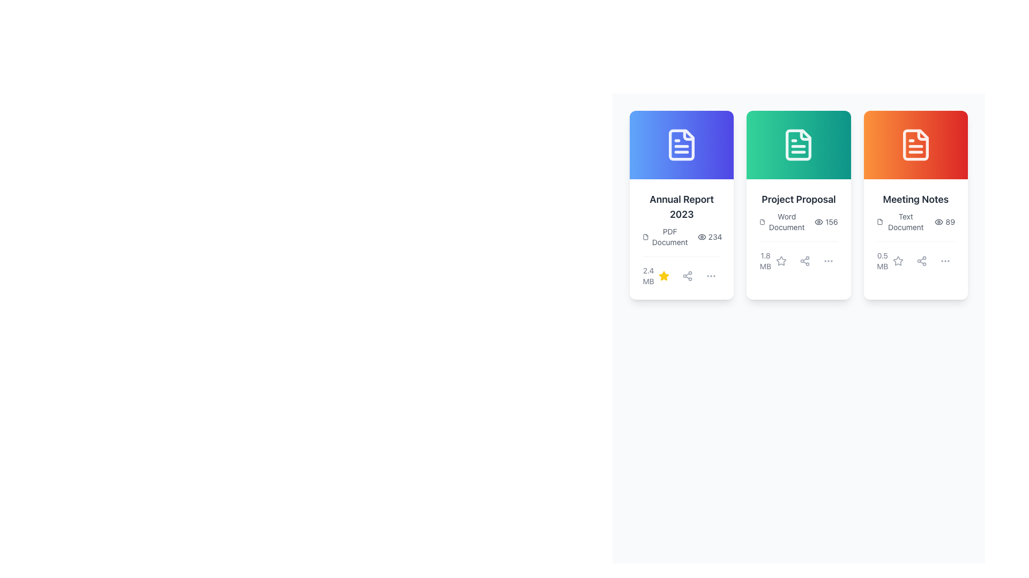  What do you see at coordinates (688, 276) in the screenshot?
I see `the 'Share' icon button located at the bottom-middle section of the card for 'Annual Report 2023', positioned between a yellow star icon and an icon with three vertical dots` at bounding box center [688, 276].